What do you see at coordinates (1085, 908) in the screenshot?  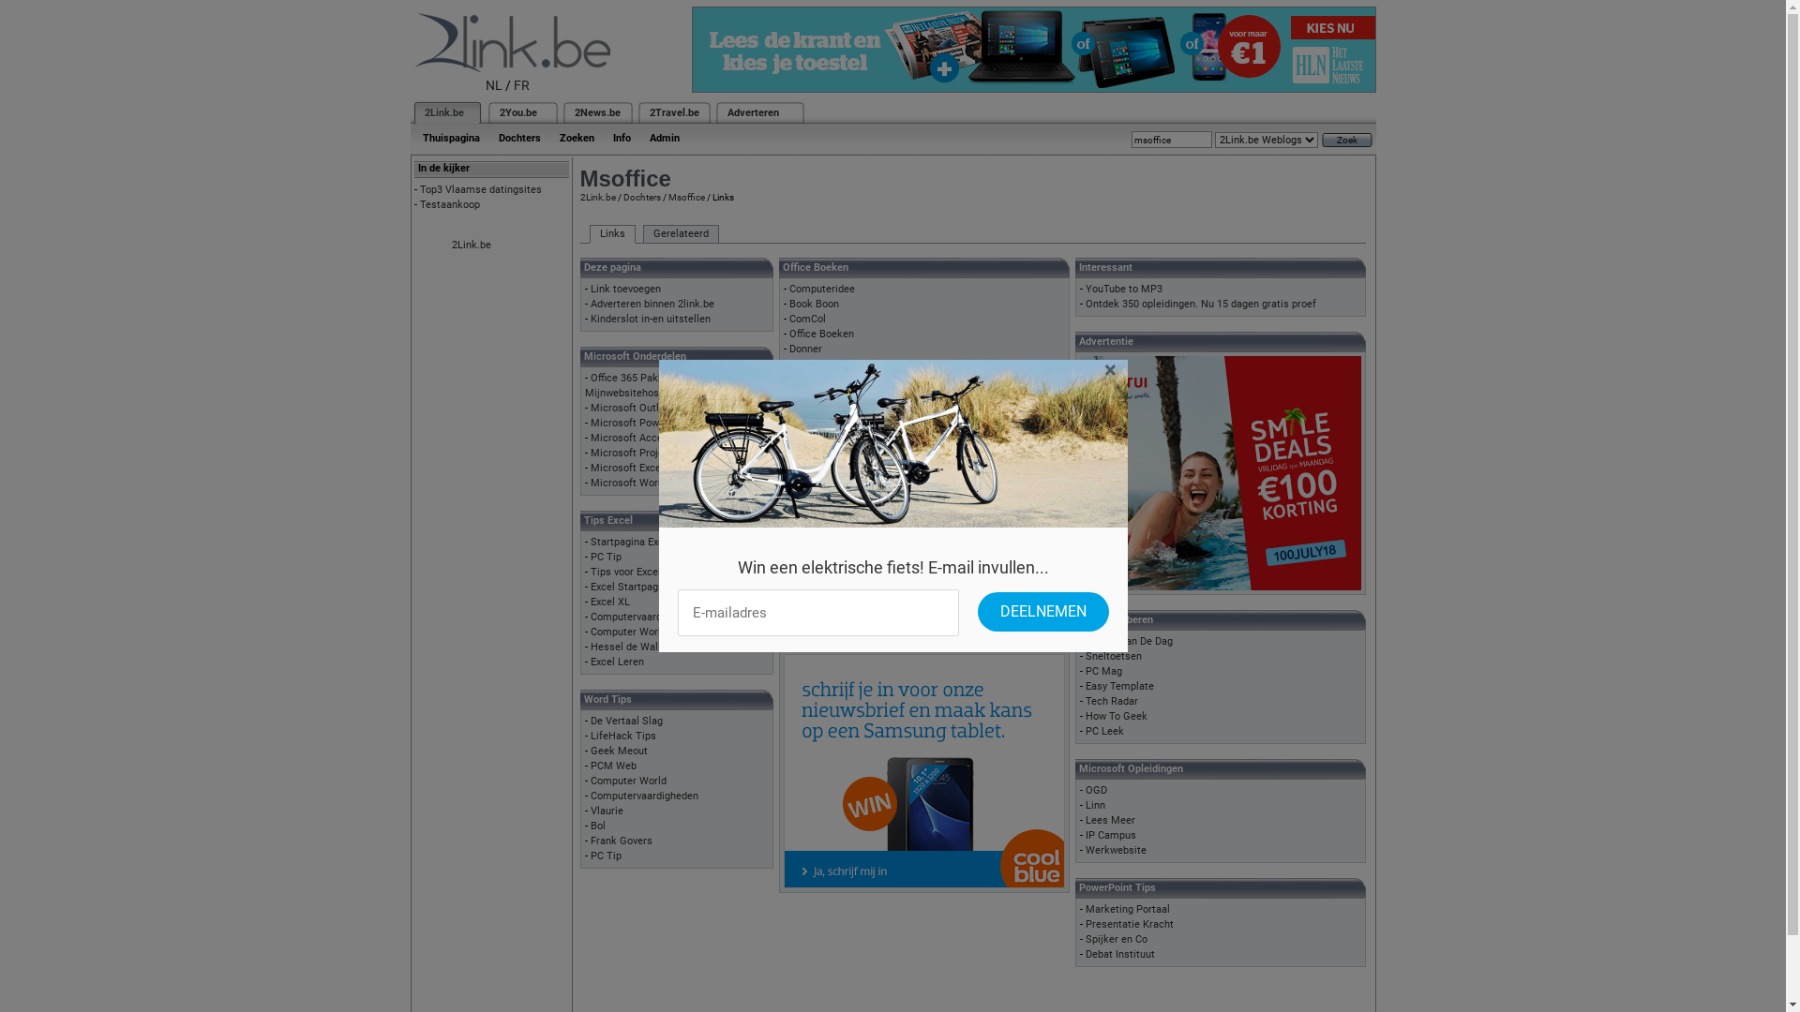 I see `'Marketing Portaal'` at bounding box center [1085, 908].